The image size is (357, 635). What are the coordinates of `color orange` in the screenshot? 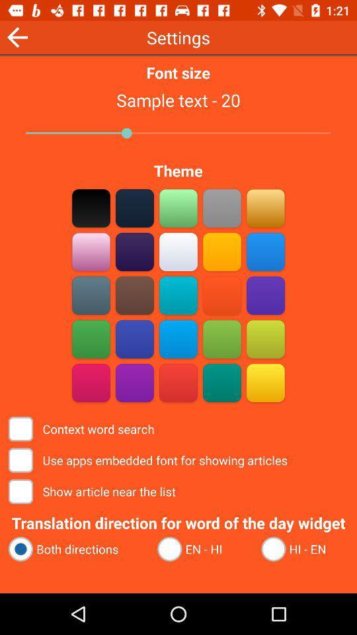 It's located at (265, 208).